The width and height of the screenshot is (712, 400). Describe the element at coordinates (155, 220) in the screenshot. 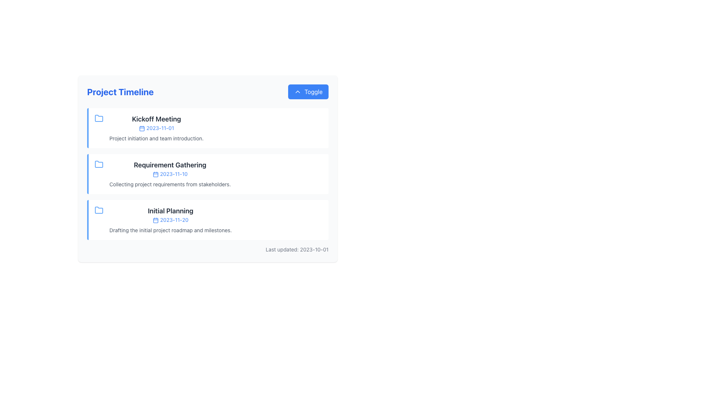

I see `the square-shaped calendar grid cell with rounded corners, styled with a white background and a border, located in the 'Initial Planning' section of the project timeline` at that location.